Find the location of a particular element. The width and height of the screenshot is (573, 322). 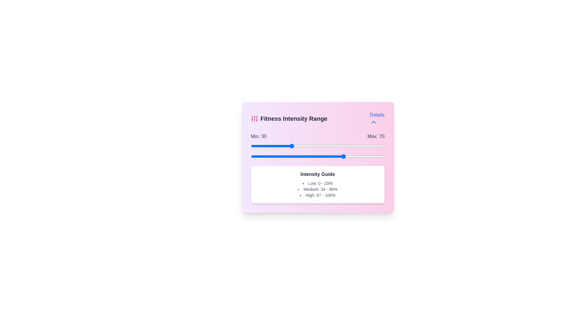

the maximum intensity range slider to 91 percent is located at coordinates (372, 156).